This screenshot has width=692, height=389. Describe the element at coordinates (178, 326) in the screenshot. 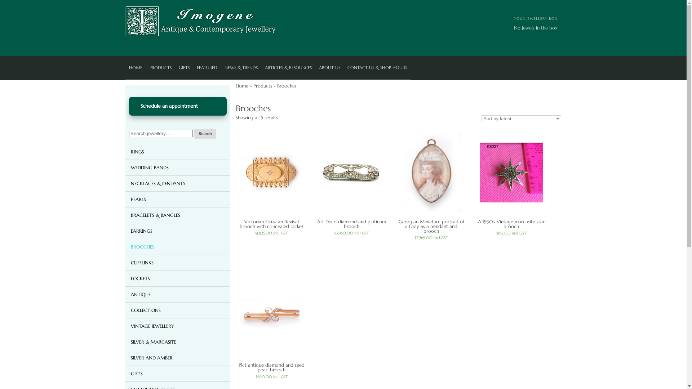

I see `'VINTAGE JEWELLERY'` at that location.